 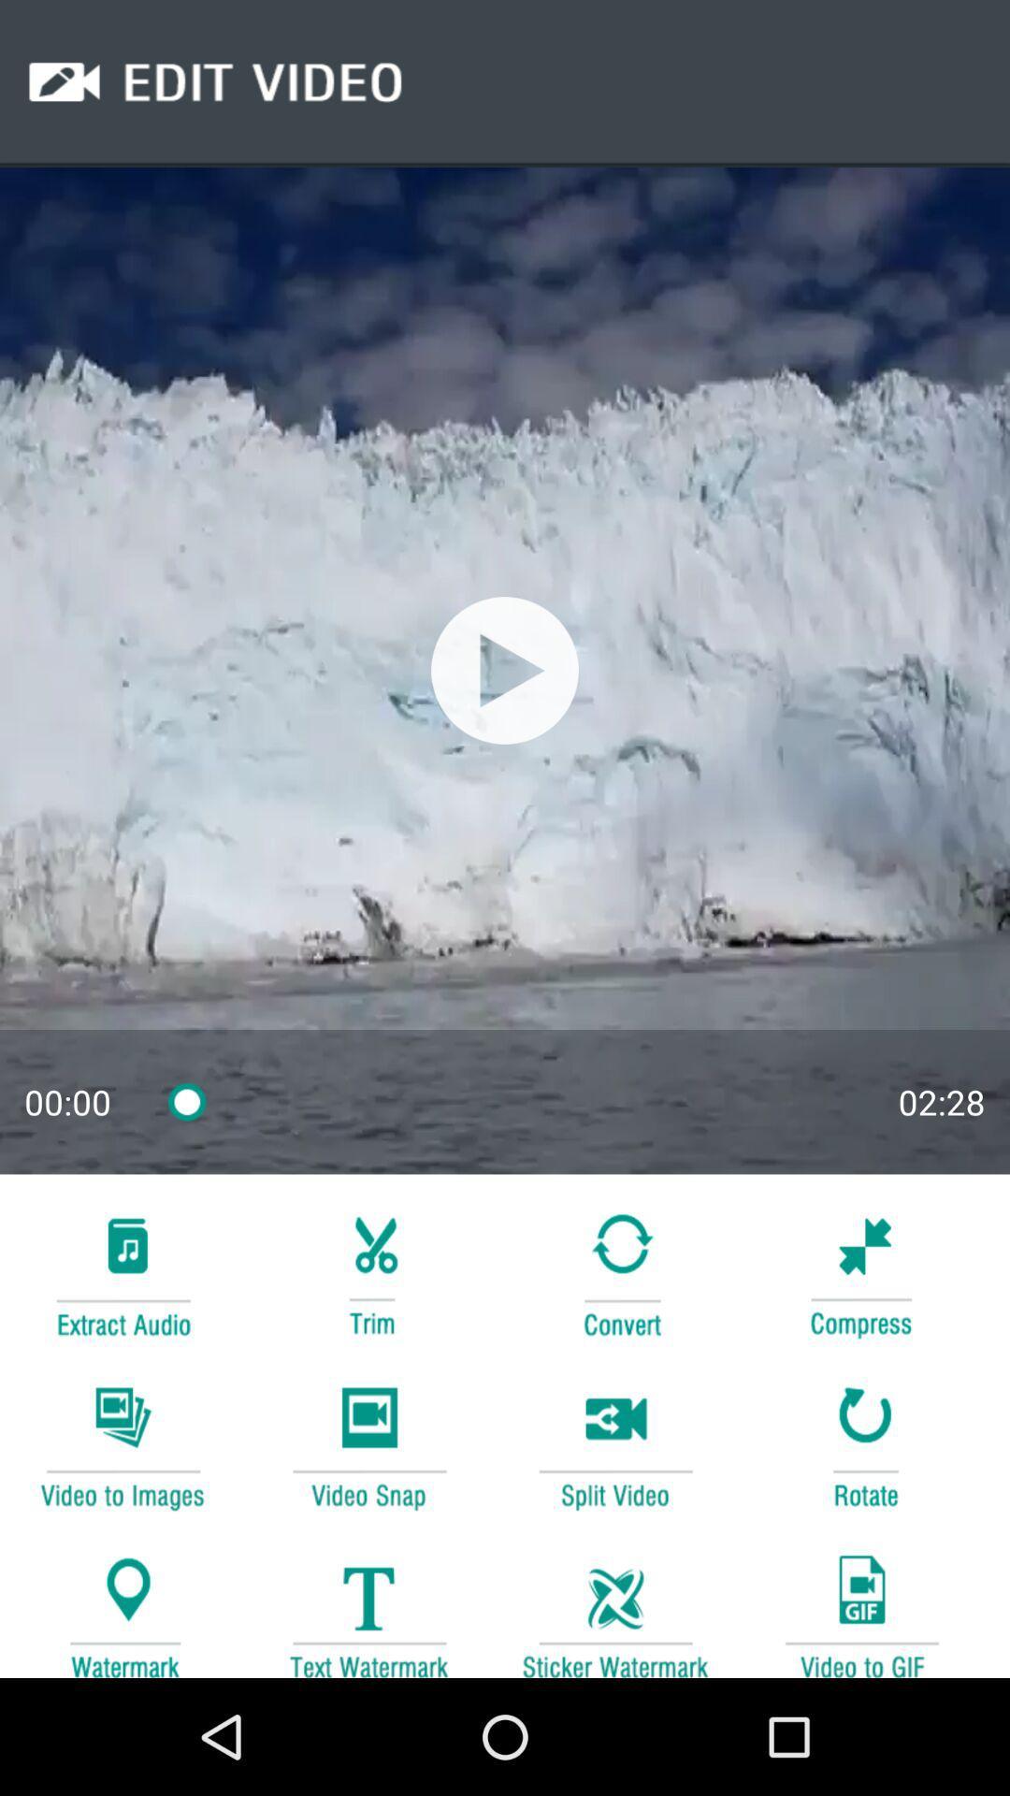 I want to click on stop, so click(x=505, y=670).